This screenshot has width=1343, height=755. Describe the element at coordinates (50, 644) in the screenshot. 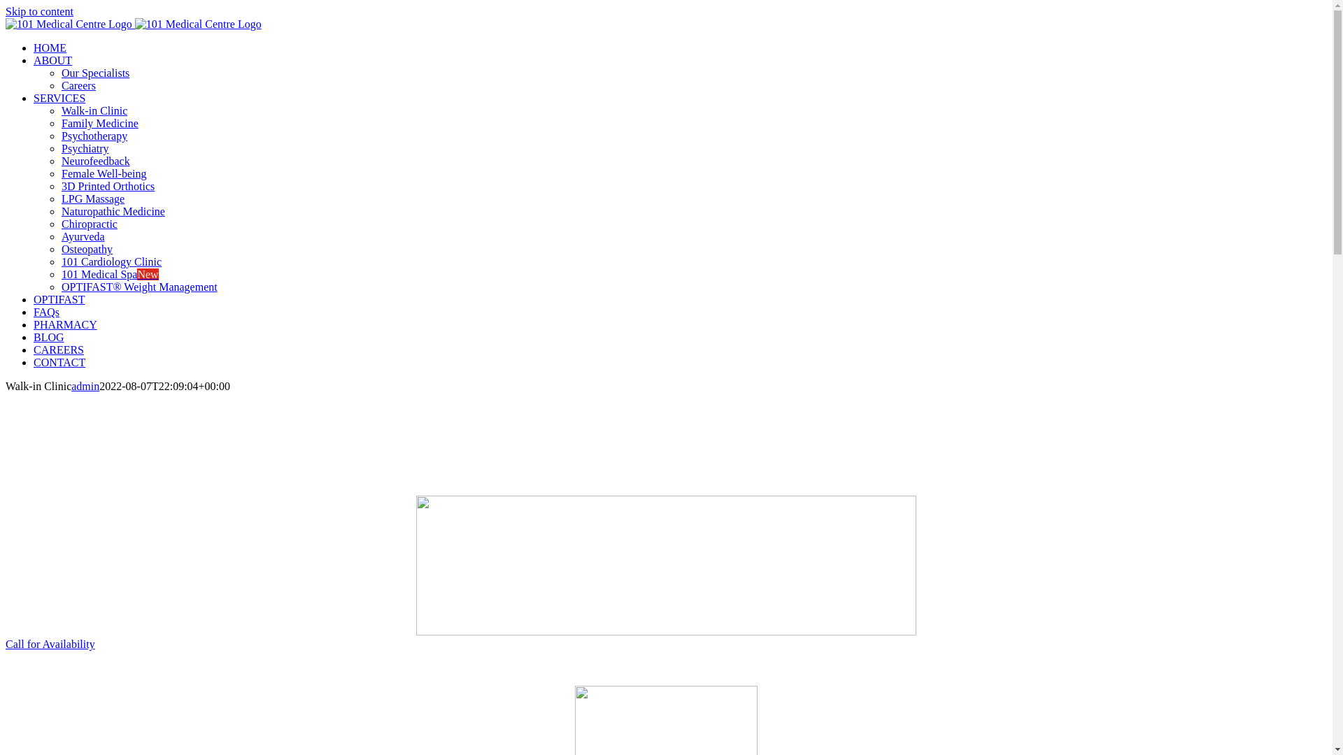

I see `'Call for Availability'` at that location.